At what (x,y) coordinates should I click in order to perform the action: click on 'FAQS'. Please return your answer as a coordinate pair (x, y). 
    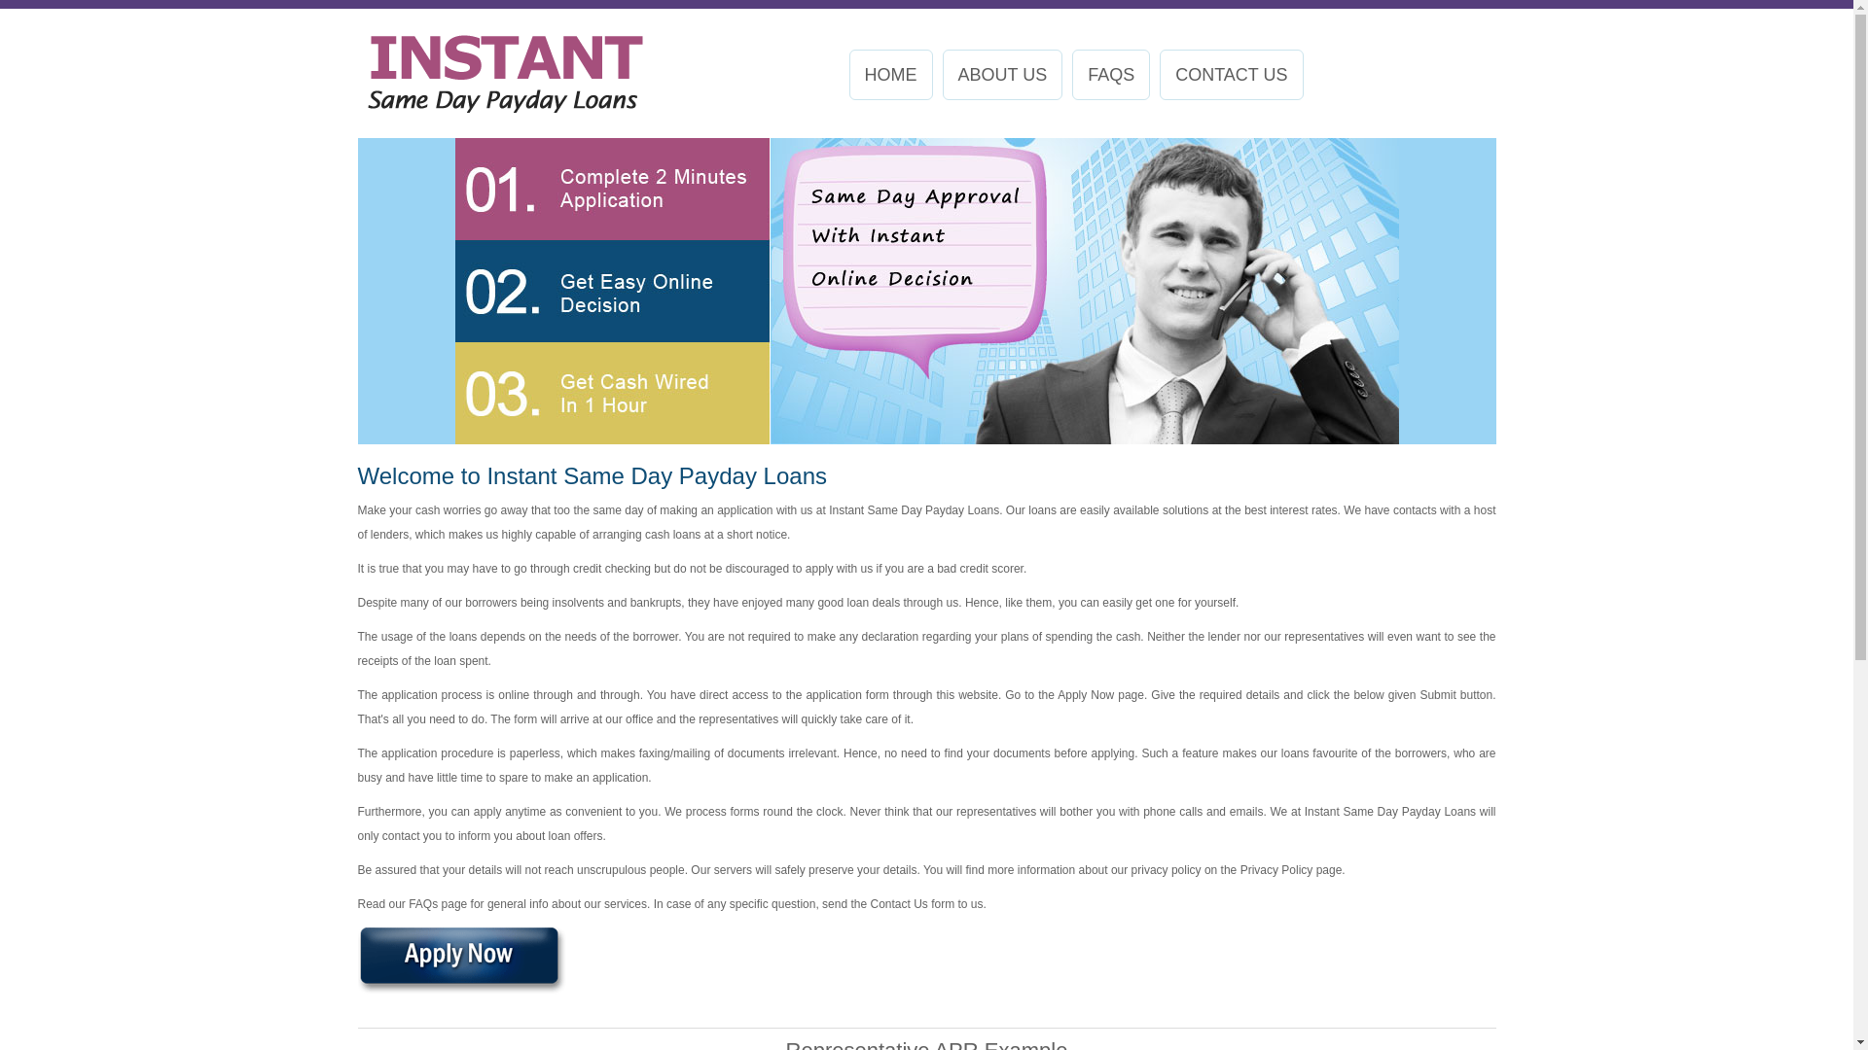
    Looking at the image, I should click on (1111, 74).